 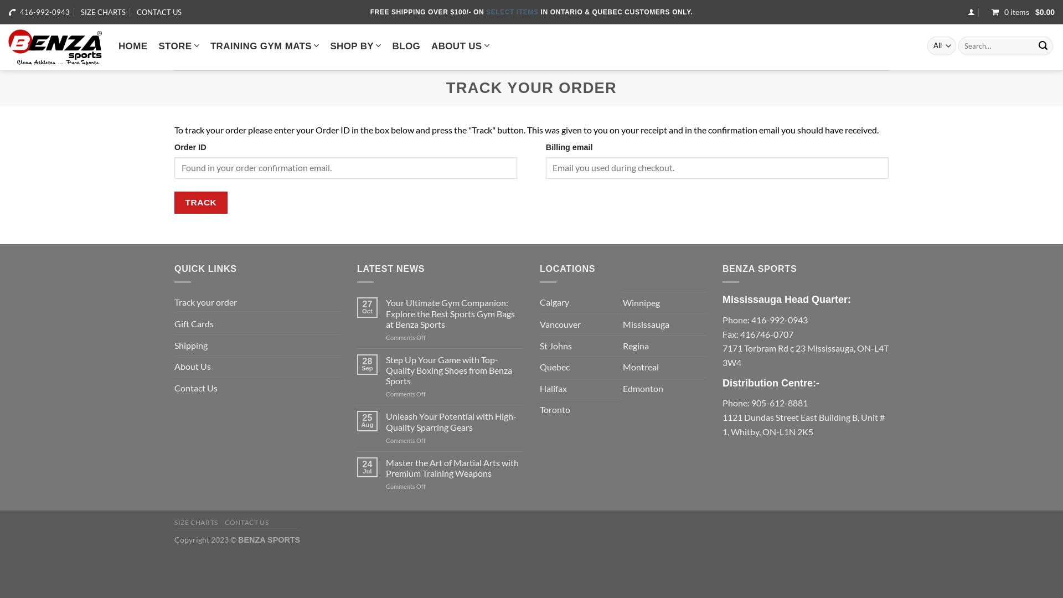 What do you see at coordinates (194, 324) in the screenshot?
I see `'Gift Cards'` at bounding box center [194, 324].